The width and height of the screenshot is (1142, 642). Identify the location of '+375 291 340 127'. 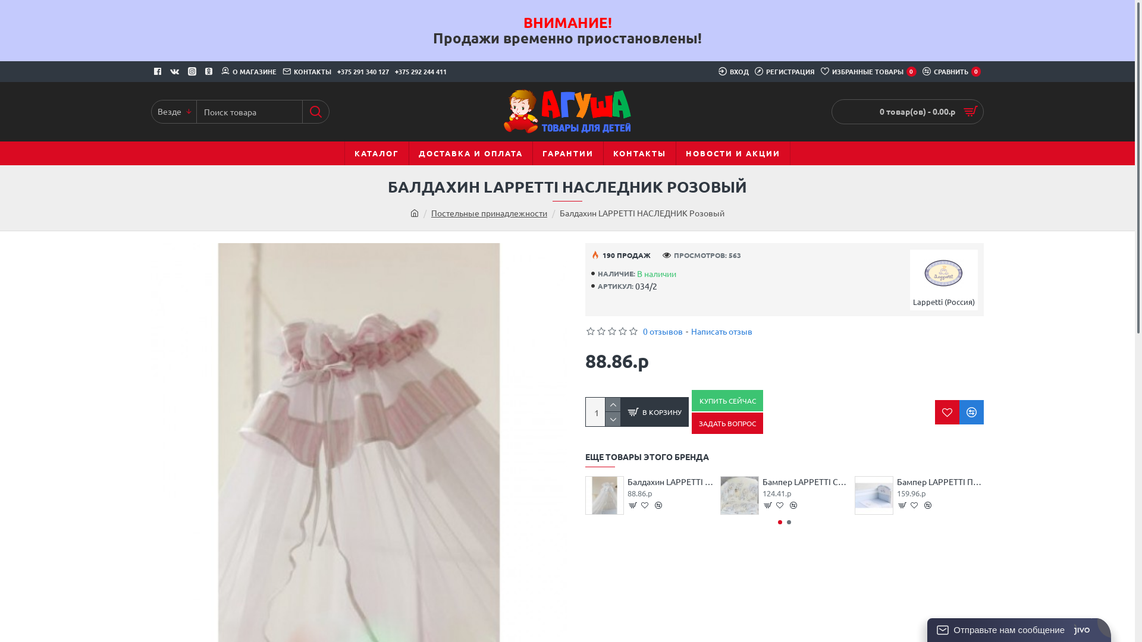
(362, 71).